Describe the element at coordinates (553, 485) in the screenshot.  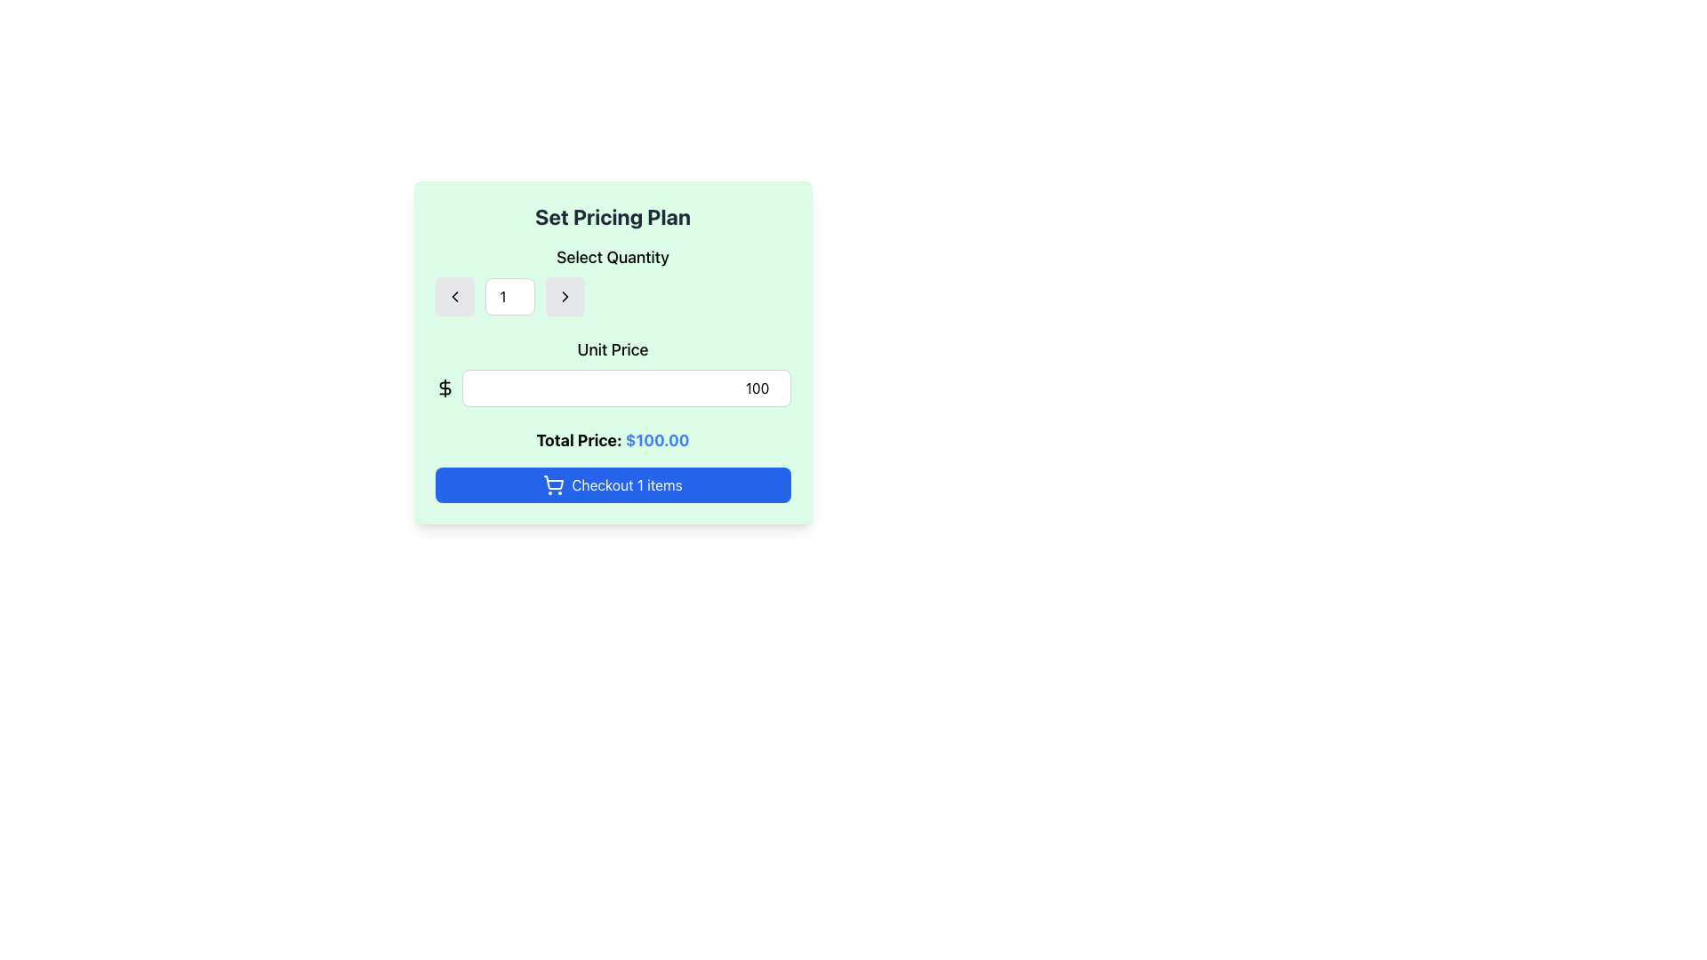
I see `the shopping cart icon within the 'Checkout 1 items' button located at the bottom of the pricing plan interface` at that location.